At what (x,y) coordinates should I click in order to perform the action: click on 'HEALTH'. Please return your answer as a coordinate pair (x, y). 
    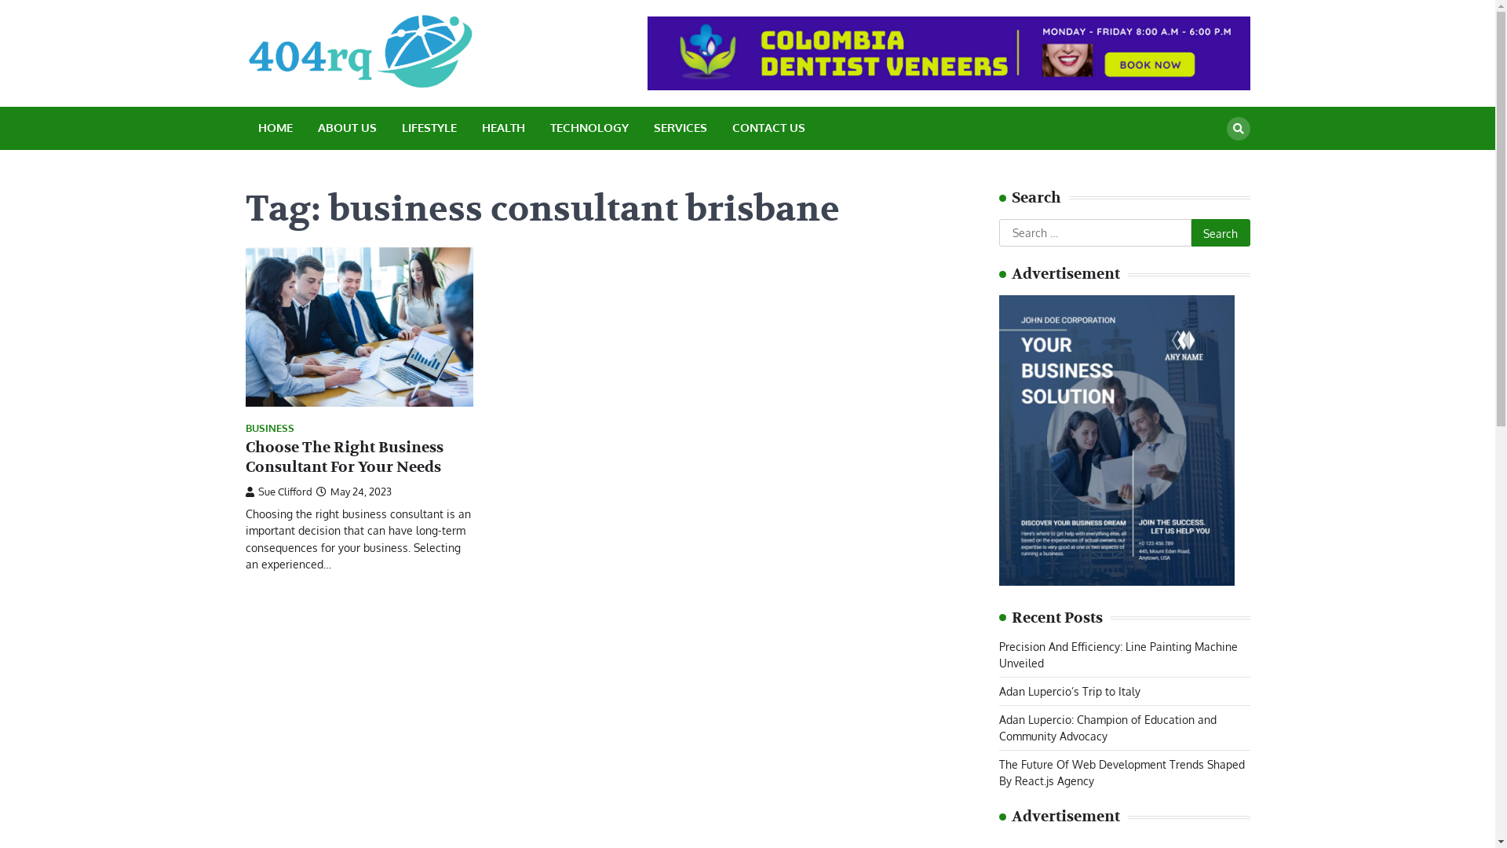
    Looking at the image, I should click on (474, 127).